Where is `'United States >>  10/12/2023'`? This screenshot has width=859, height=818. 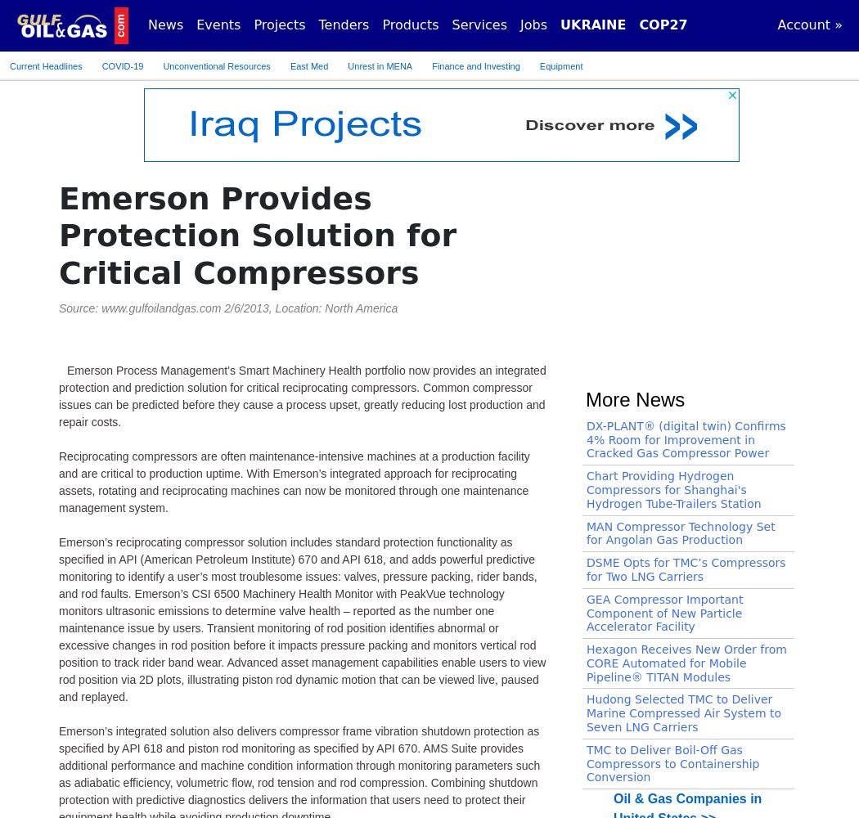
'United States >>  10/12/2023' is located at coordinates (171, 416).